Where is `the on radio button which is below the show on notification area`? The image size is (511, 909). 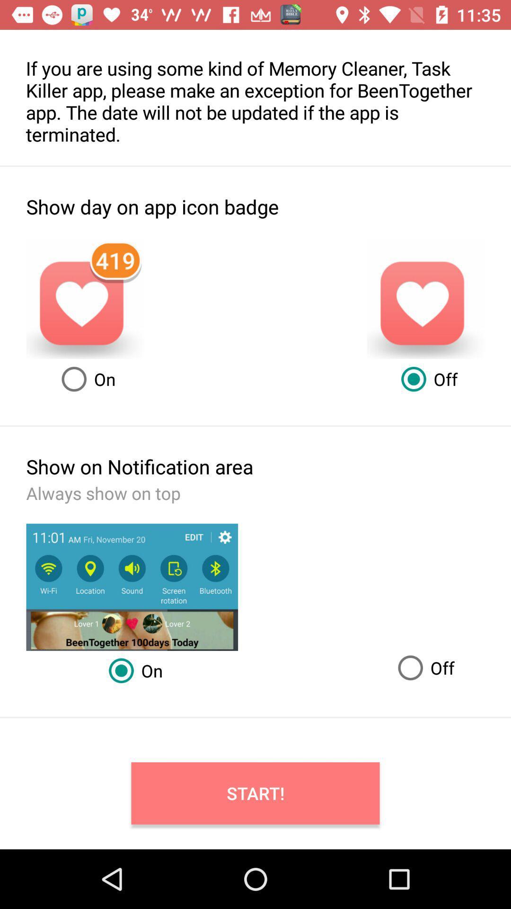
the on radio button which is below the show on notification area is located at coordinates (132, 670).